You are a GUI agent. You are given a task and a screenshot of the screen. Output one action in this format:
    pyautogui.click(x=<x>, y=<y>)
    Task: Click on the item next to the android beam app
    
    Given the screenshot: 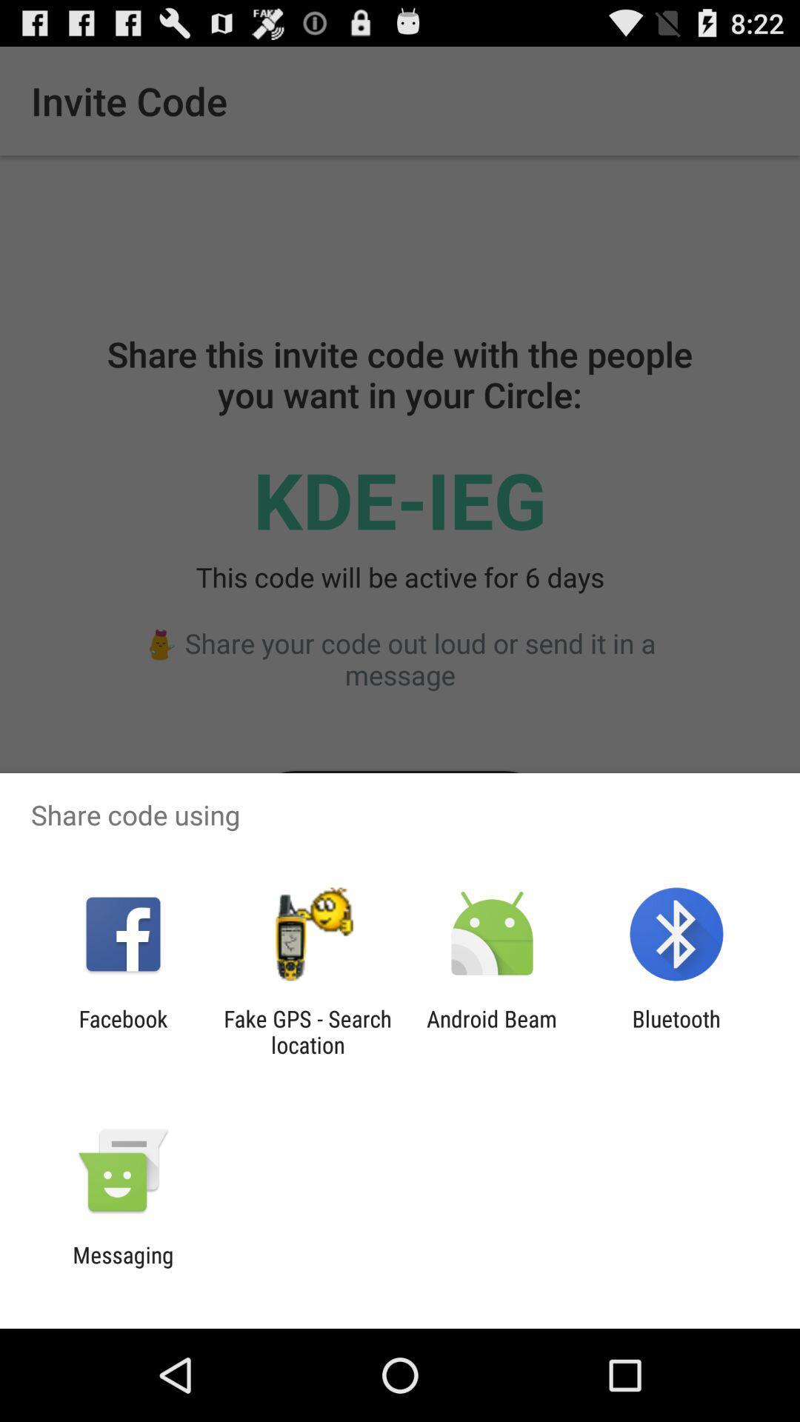 What is the action you would take?
    pyautogui.click(x=676, y=1031)
    